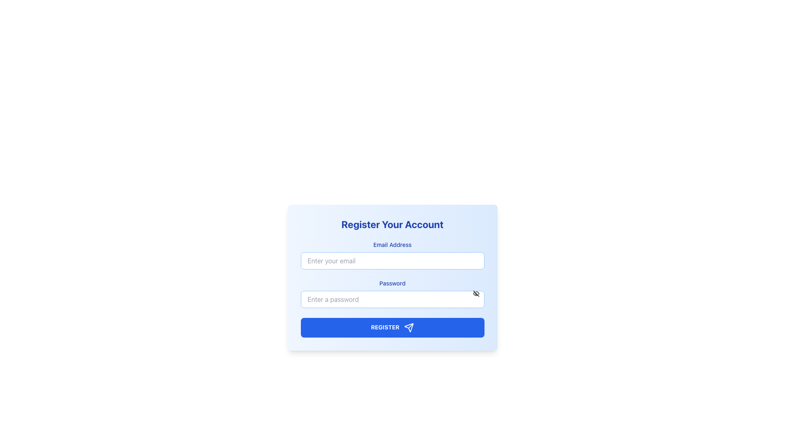  What do you see at coordinates (476, 293) in the screenshot?
I see `the button that toggles the visibility of the password input field's content` at bounding box center [476, 293].